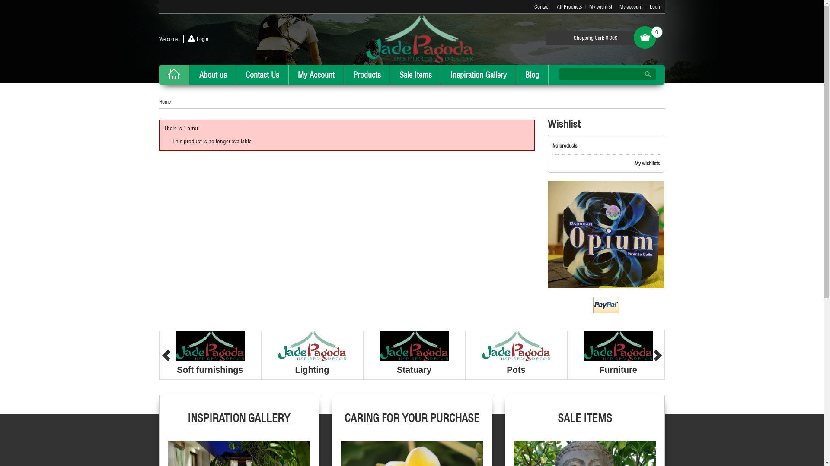 The width and height of the screenshot is (830, 466). What do you see at coordinates (166, 355) in the screenshot?
I see `'Previous'` at bounding box center [166, 355].